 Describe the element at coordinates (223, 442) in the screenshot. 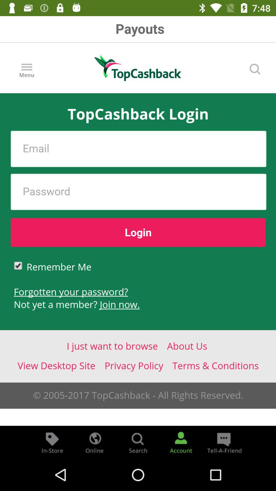

I see `tell a friend` at that location.